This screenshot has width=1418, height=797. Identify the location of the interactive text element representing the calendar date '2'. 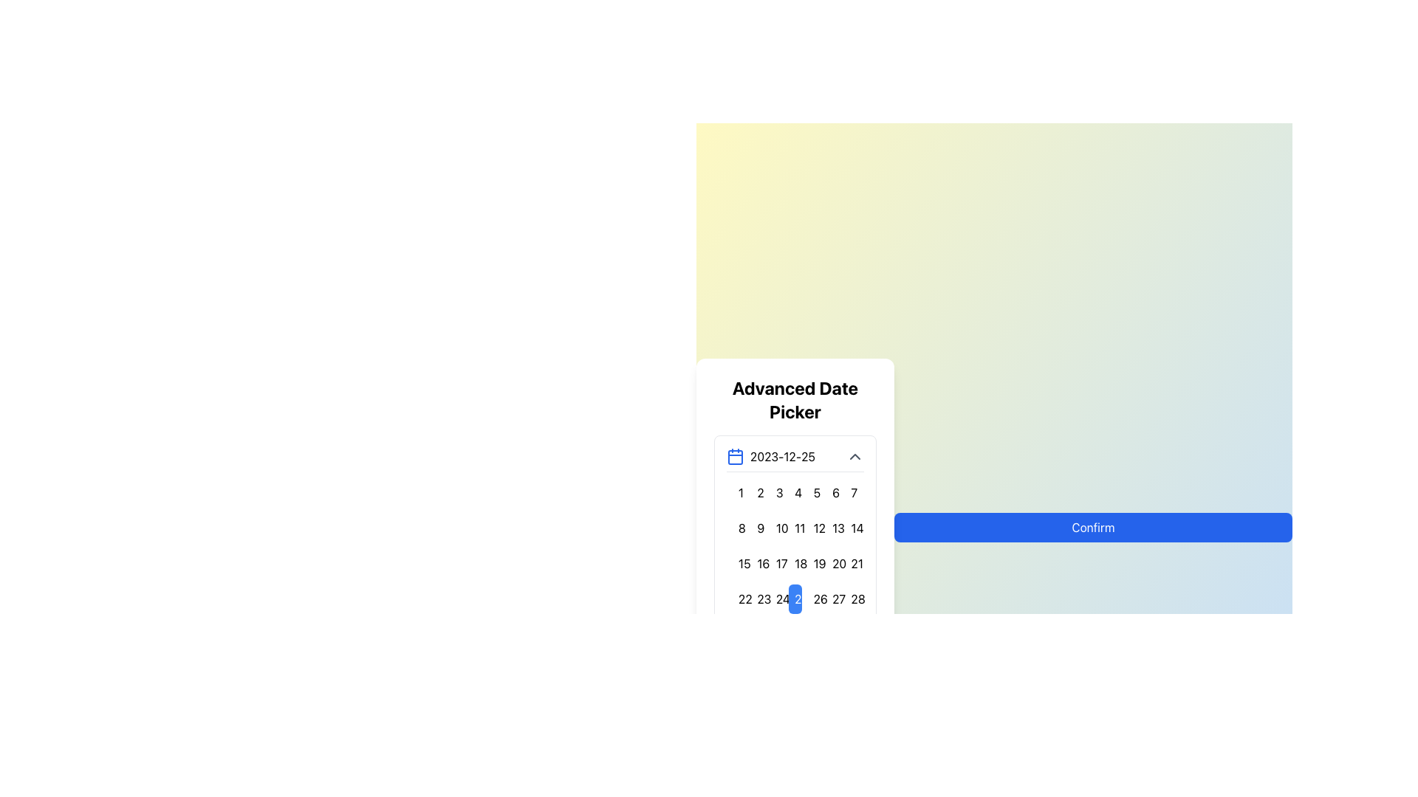
(758, 492).